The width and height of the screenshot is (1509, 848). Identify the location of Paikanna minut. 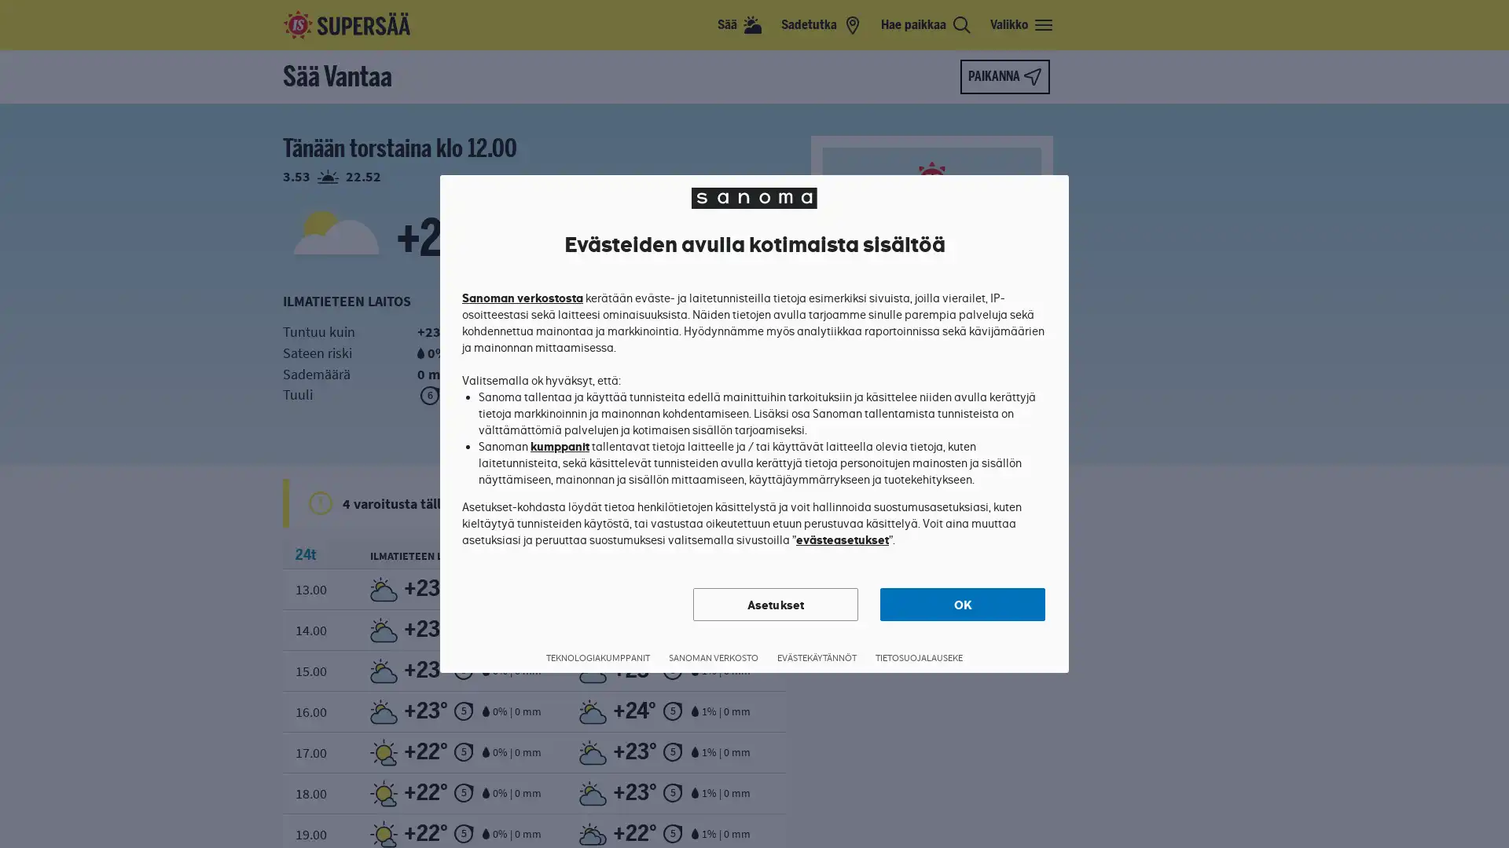
(1004, 76).